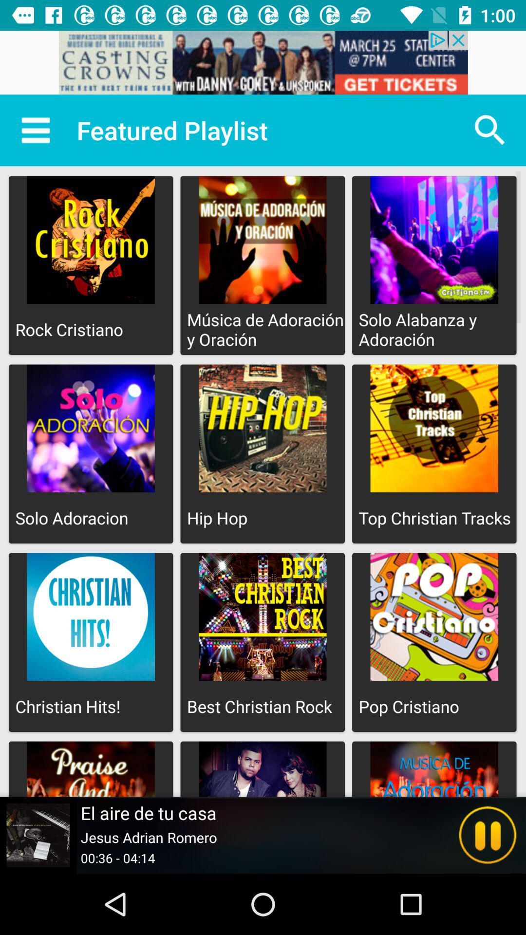  What do you see at coordinates (488, 835) in the screenshot?
I see `the pause icon` at bounding box center [488, 835].